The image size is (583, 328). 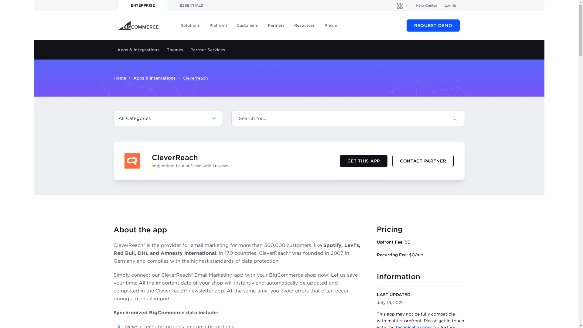 What do you see at coordinates (247, 25) in the screenshot?
I see `'Customers'` at bounding box center [247, 25].